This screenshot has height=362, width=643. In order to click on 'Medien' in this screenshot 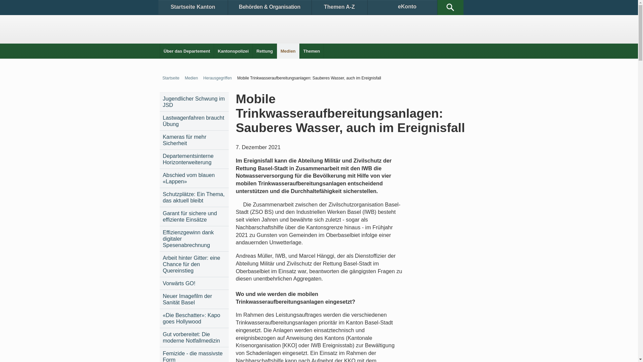, I will do `click(288, 51)`.